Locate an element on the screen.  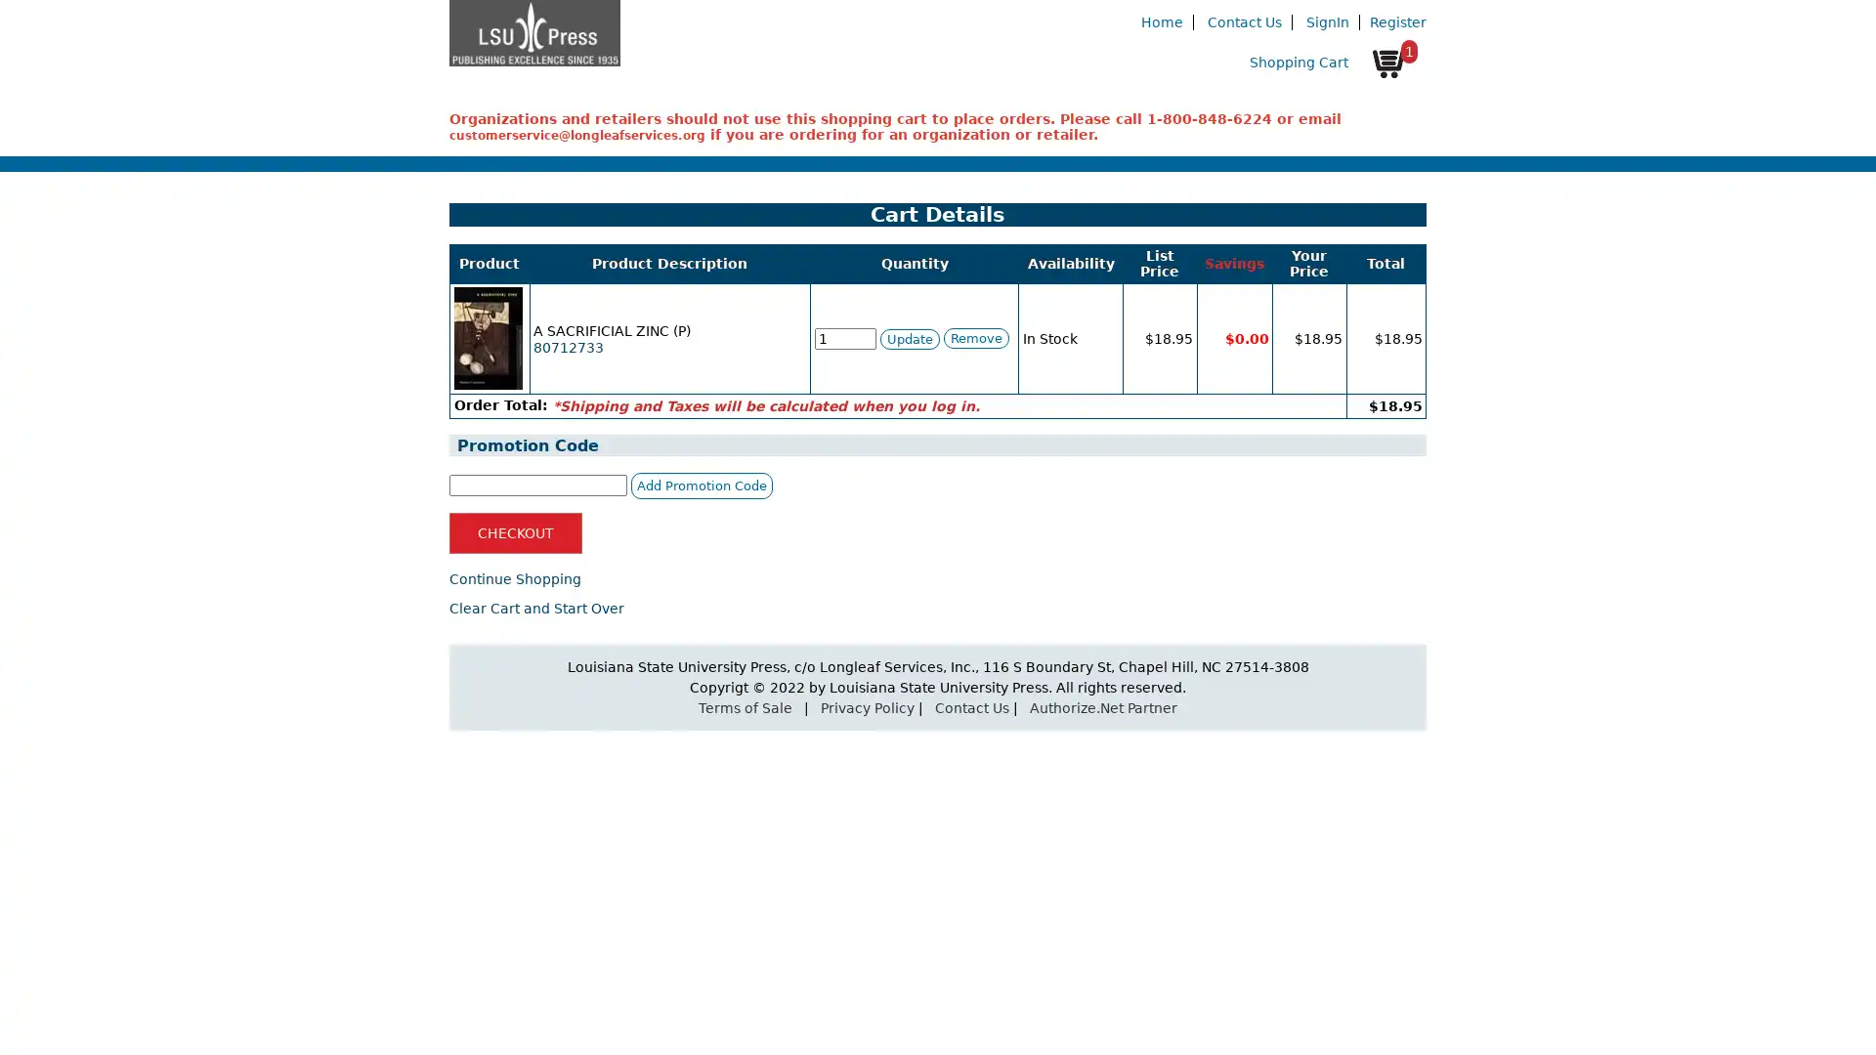
Update is located at coordinates (908, 337).